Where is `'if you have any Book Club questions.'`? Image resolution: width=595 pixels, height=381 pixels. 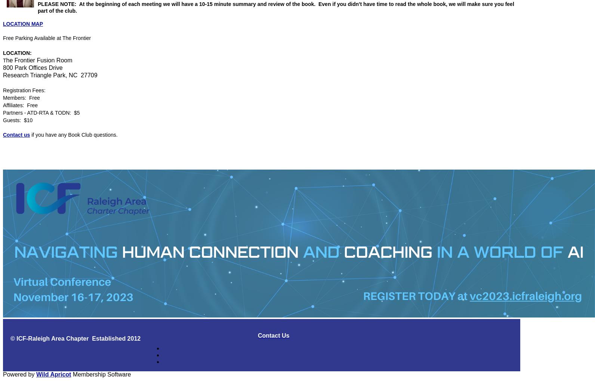
'if you have any Book Club questions.' is located at coordinates (73, 134).